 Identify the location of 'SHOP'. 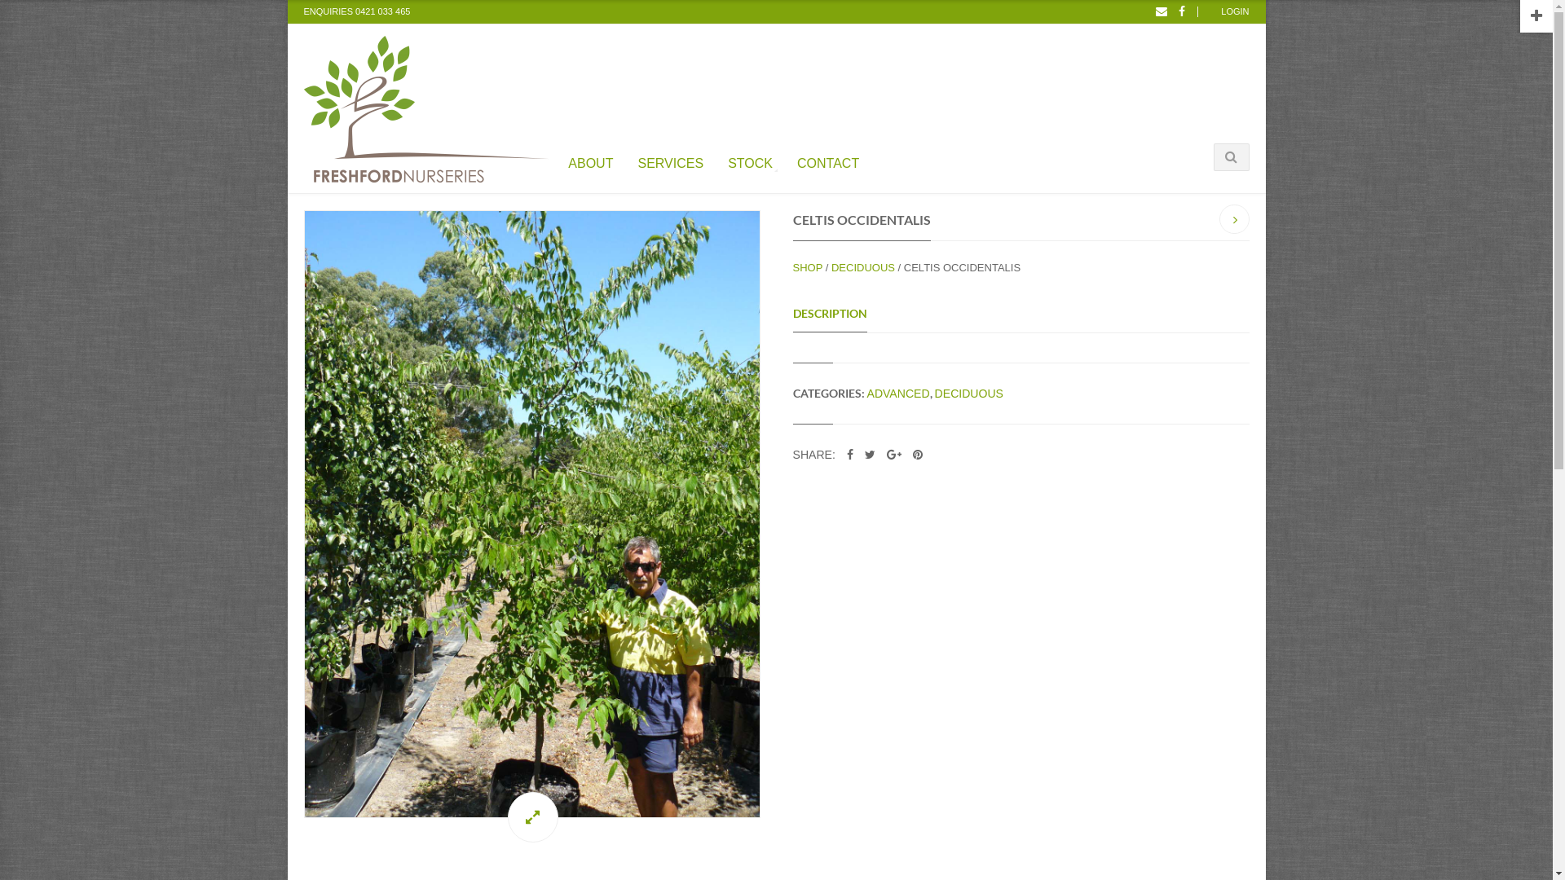
(807, 266).